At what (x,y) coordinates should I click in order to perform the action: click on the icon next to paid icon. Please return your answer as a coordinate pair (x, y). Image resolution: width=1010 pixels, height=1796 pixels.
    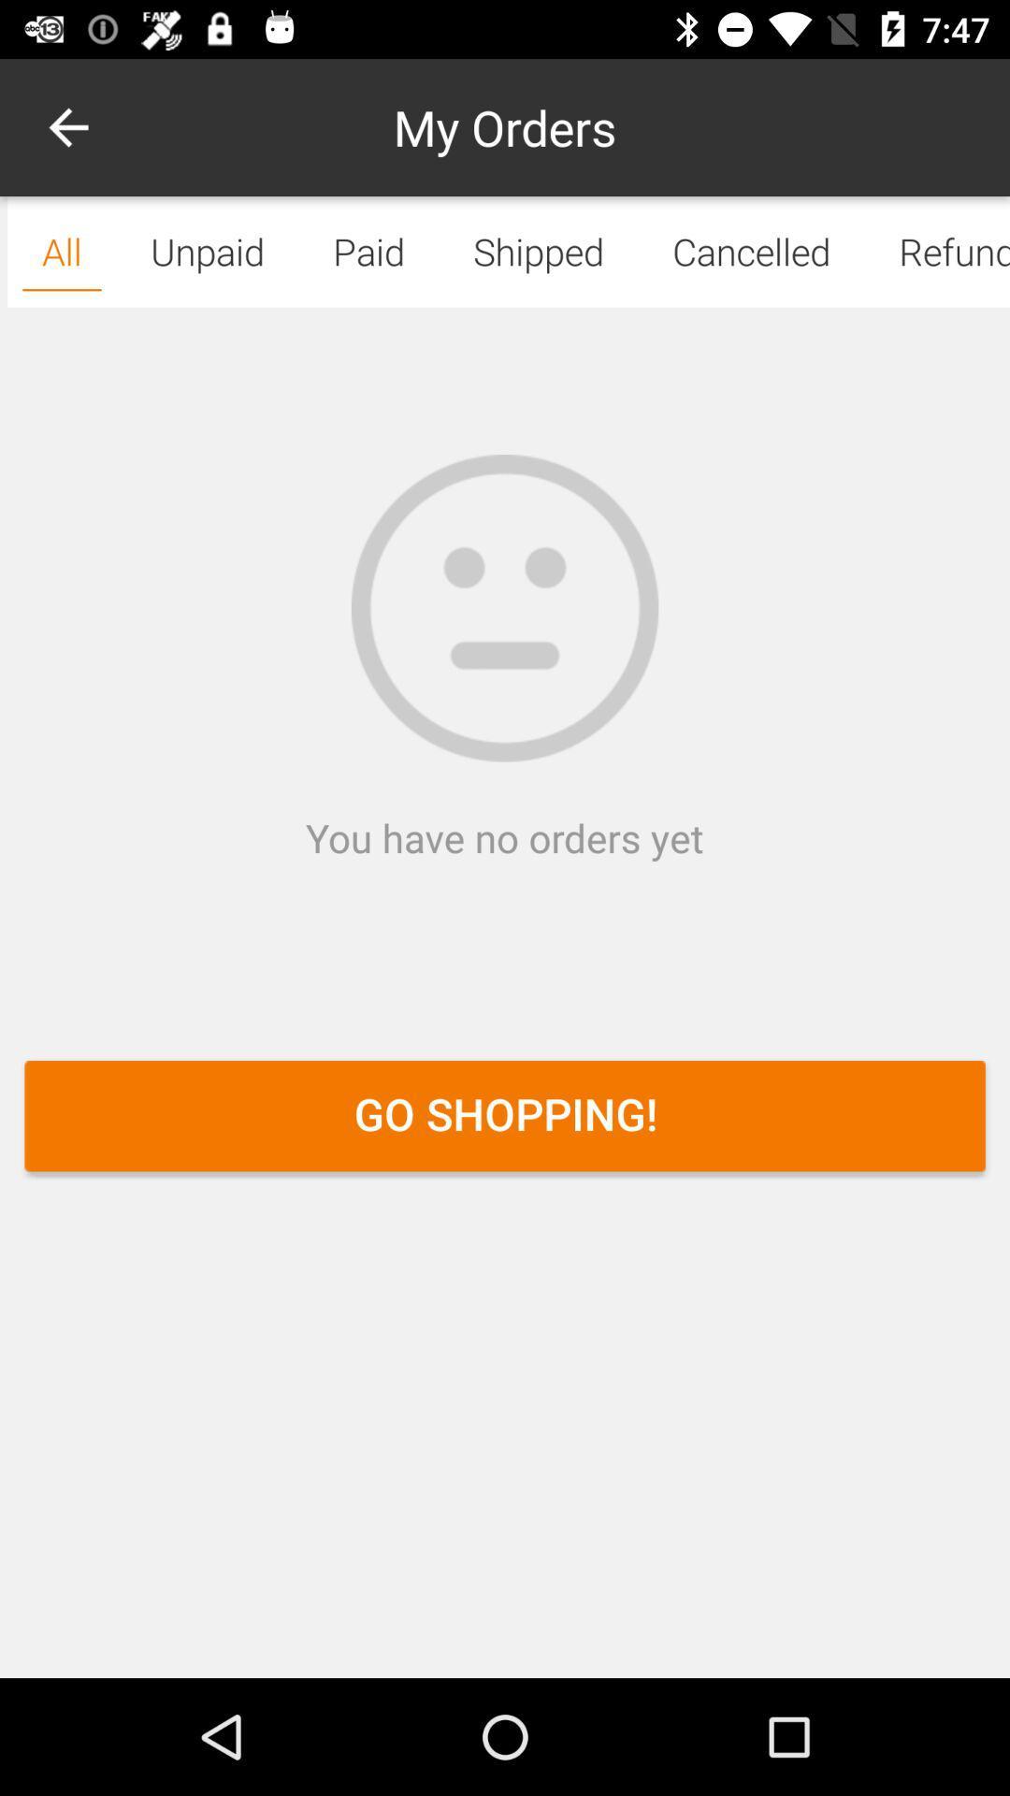
    Looking at the image, I should click on (67, 126).